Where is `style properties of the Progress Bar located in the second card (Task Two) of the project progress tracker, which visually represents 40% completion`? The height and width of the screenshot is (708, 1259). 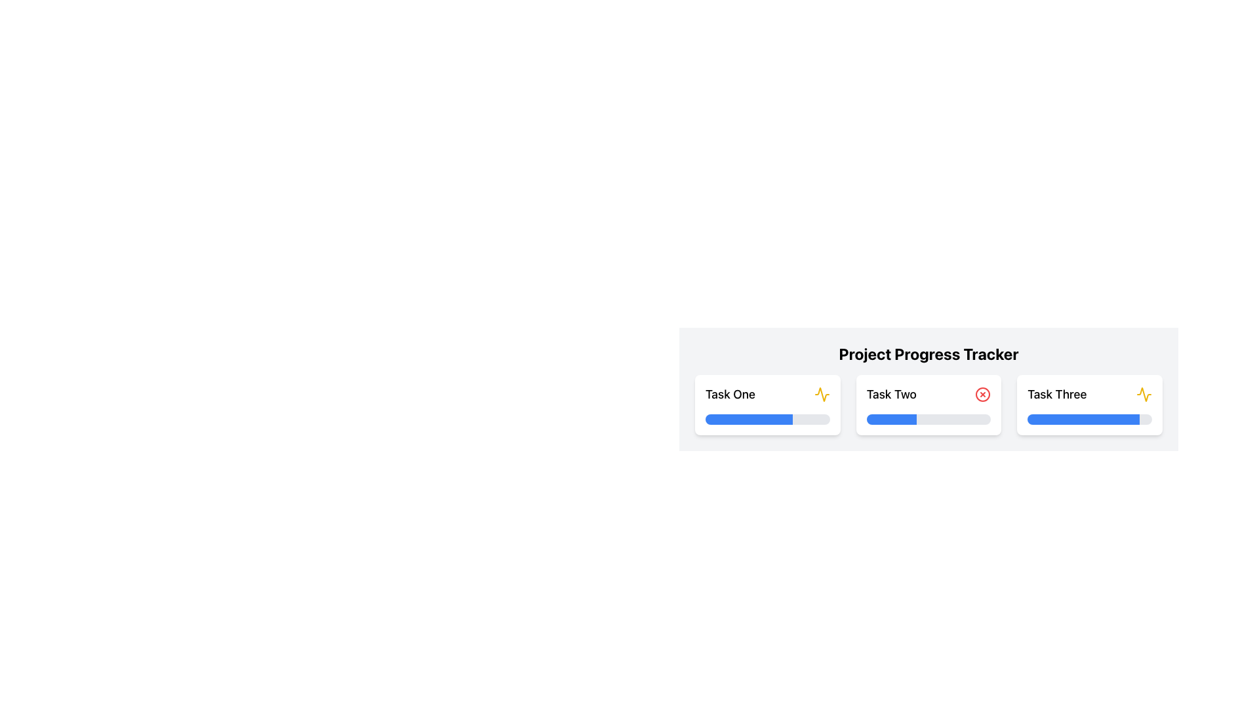 style properties of the Progress Bar located in the second card (Task Two) of the project progress tracker, which visually represents 40% completion is located at coordinates (891, 420).